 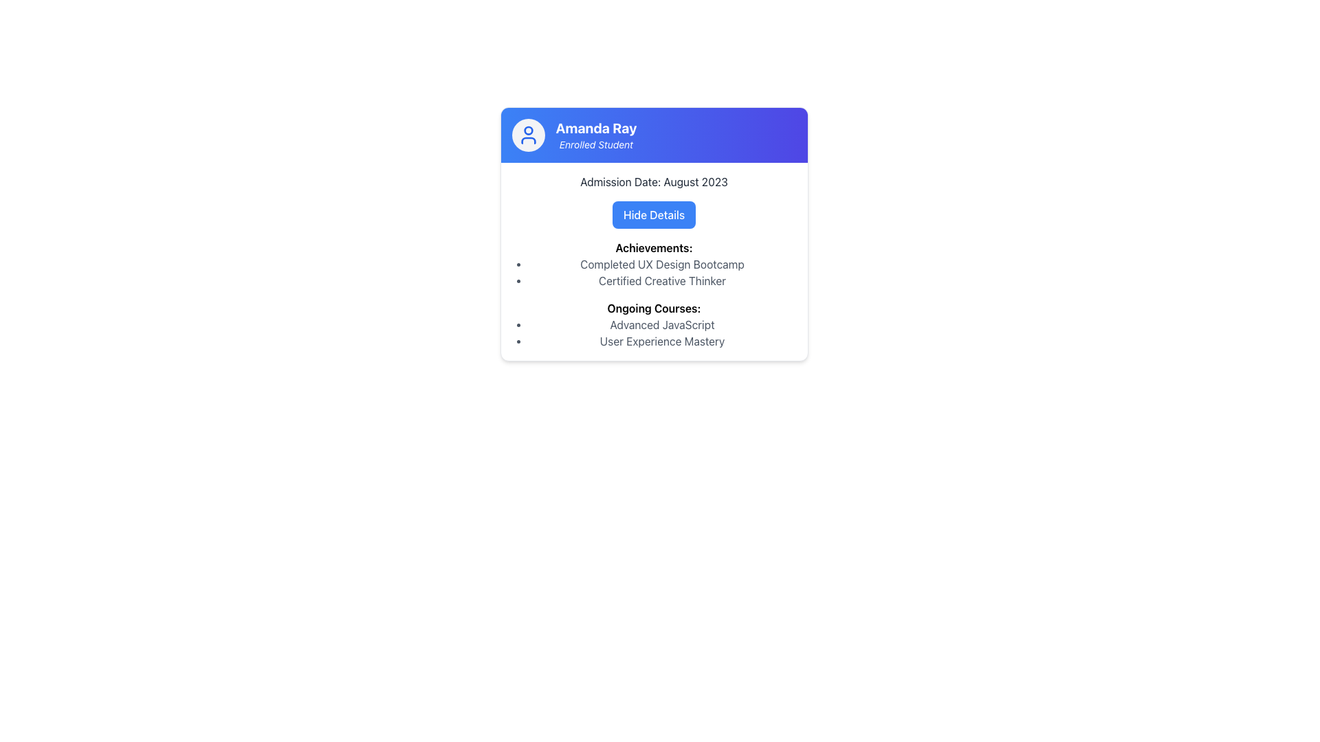 I want to click on the textual item reading 'Completed UX Design Bootcamp', which is the first item in the bullet-point list under the 'Achievements:' section, so click(x=662, y=265).